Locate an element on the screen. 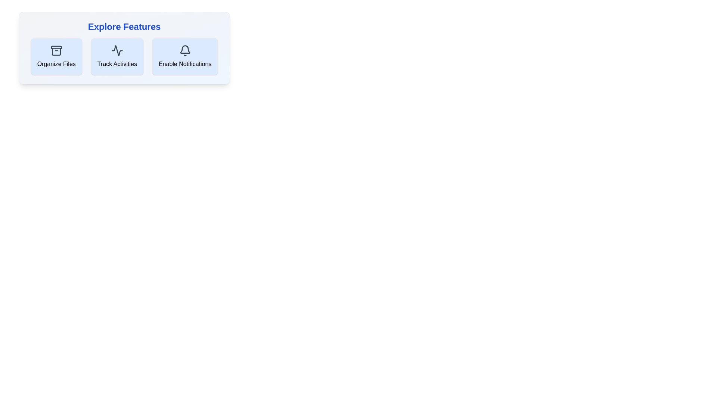  the text label 'Enable Notifications' that is styled in medium-weight font and located below the bell icon in the third group of features is located at coordinates (185, 64).